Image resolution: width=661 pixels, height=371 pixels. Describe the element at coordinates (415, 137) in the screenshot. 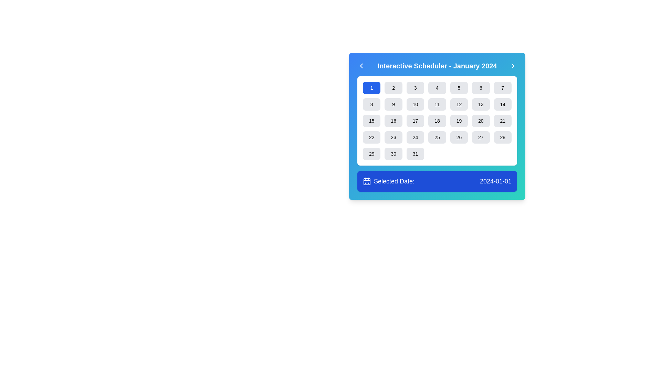

I see `the button displaying the text '24' in the interactive calendar grid, located at the fourth row and fourth column` at that location.